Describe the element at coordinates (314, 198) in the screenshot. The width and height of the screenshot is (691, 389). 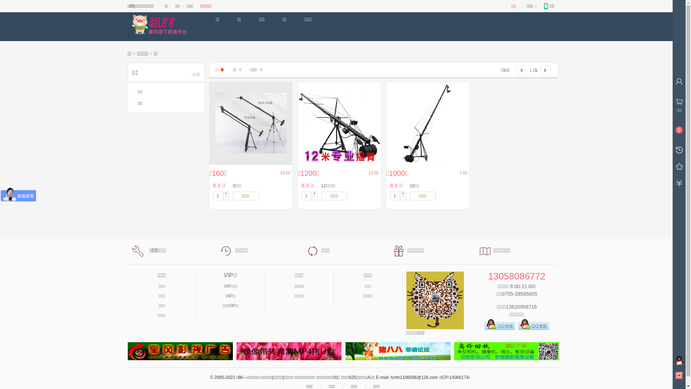
I see `'-'` at that location.